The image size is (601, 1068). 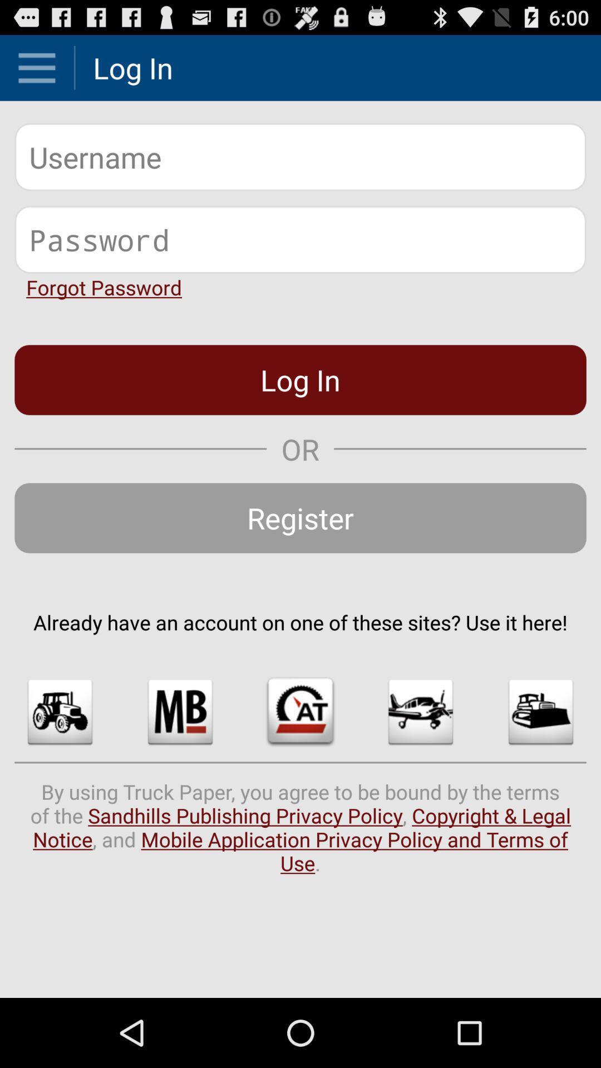 I want to click on app below or, so click(x=300, y=517).